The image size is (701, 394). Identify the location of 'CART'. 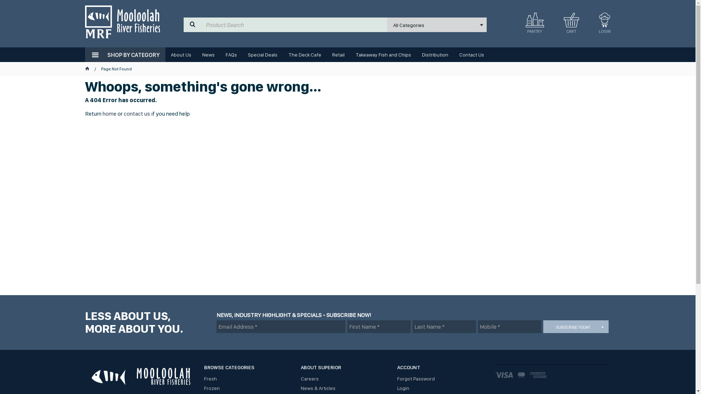
(558, 25).